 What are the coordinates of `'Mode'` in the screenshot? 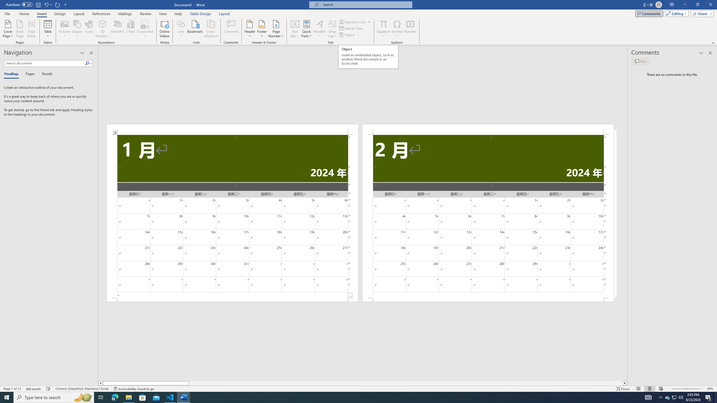 It's located at (676, 13).